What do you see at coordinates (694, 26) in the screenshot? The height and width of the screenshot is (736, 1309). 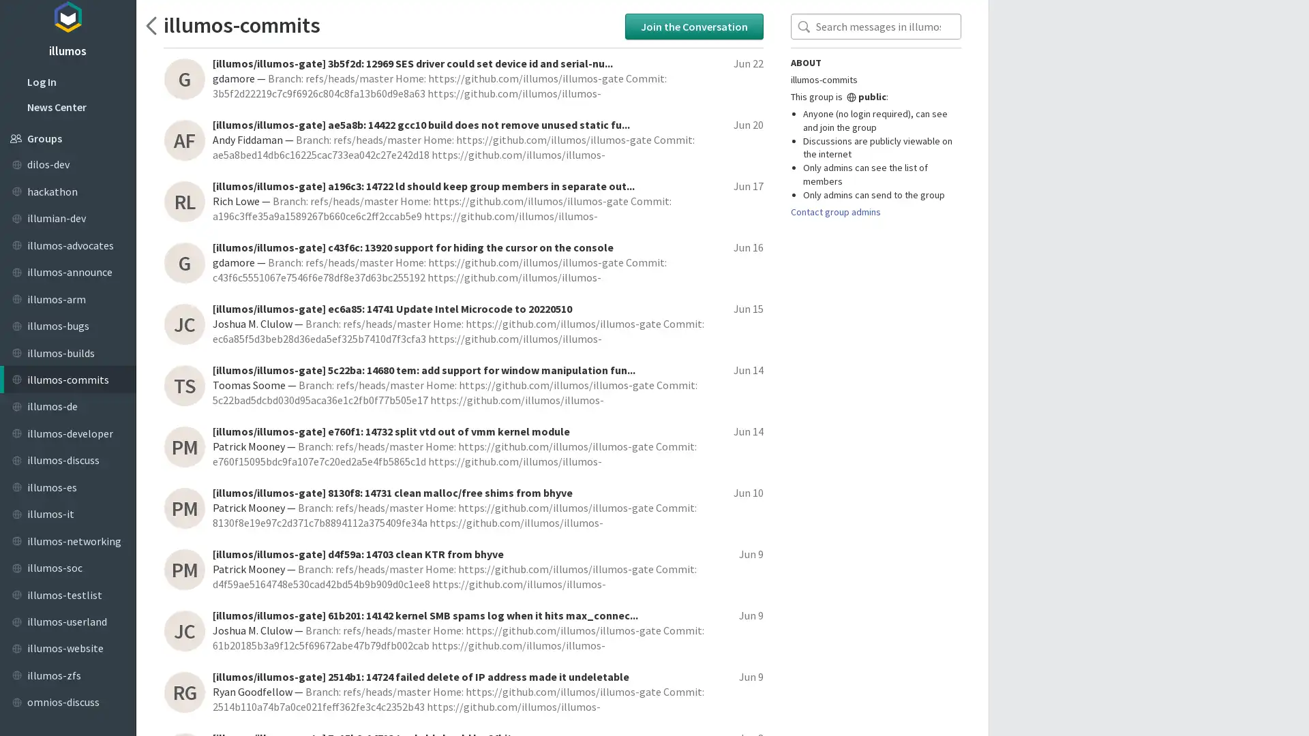 I see `Join the Conversation` at bounding box center [694, 26].